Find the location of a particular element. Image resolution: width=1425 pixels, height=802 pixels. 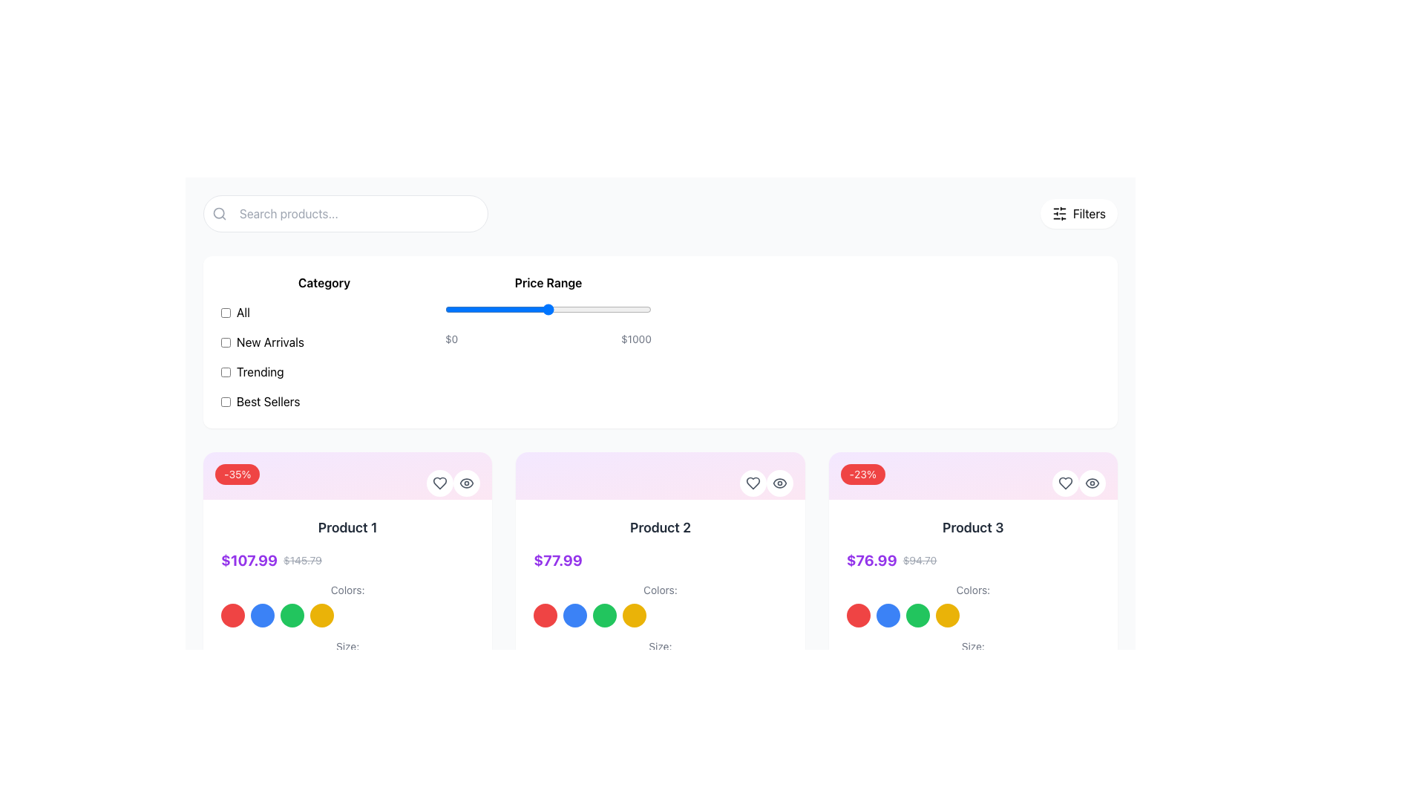

the checkbox is located at coordinates (225, 401).